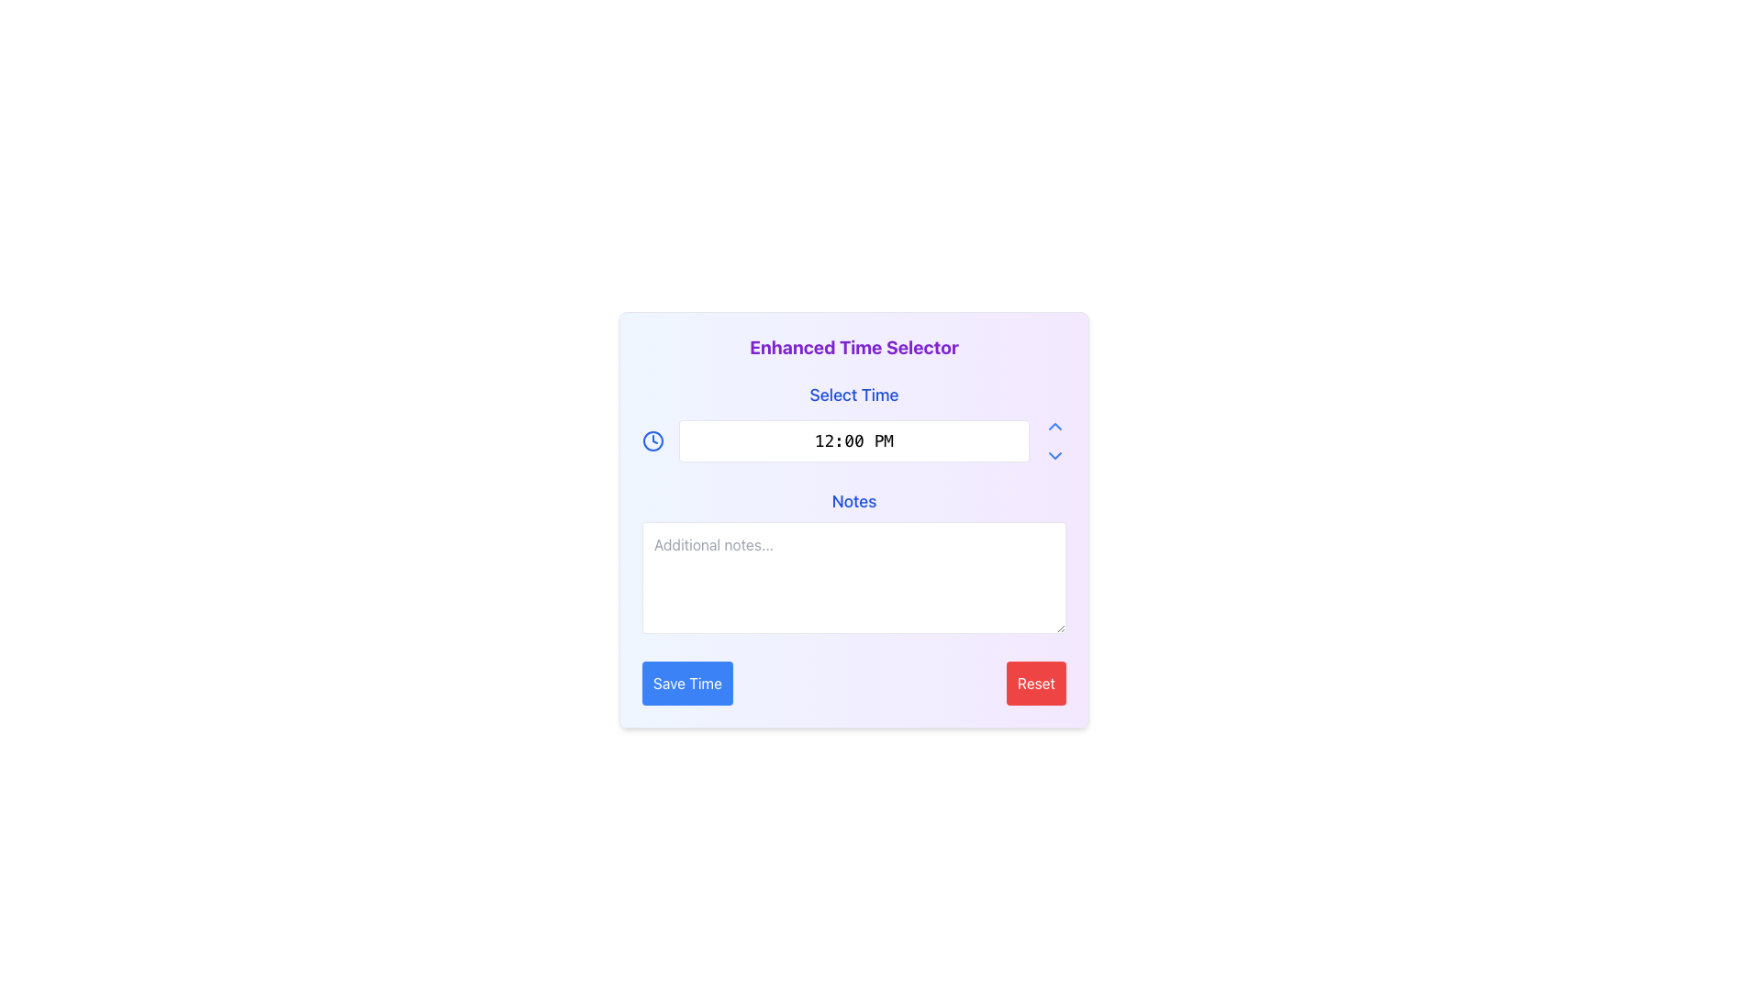  What do you see at coordinates (1055, 455) in the screenshot?
I see `the downward-pointing chevron symbol (Dropdown toggle indicator icon) in the 'Select Time' section of the form for tooltip or visual feedback` at bounding box center [1055, 455].